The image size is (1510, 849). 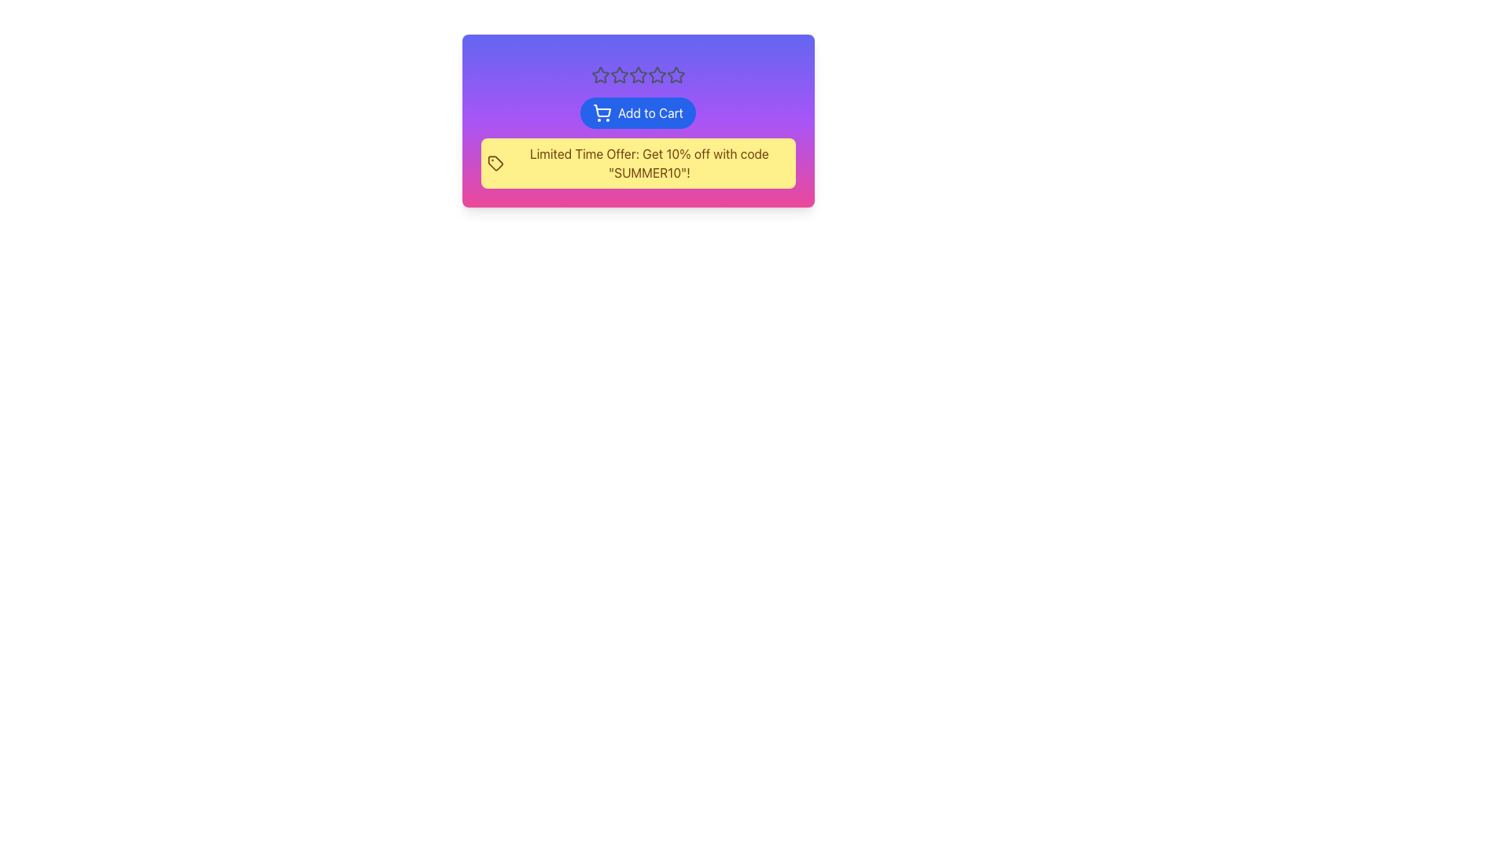 What do you see at coordinates (638, 142) in the screenshot?
I see `message from the informational block located below the blue 'Add to Cart' button, which informs the user about a limited-time discount offer` at bounding box center [638, 142].